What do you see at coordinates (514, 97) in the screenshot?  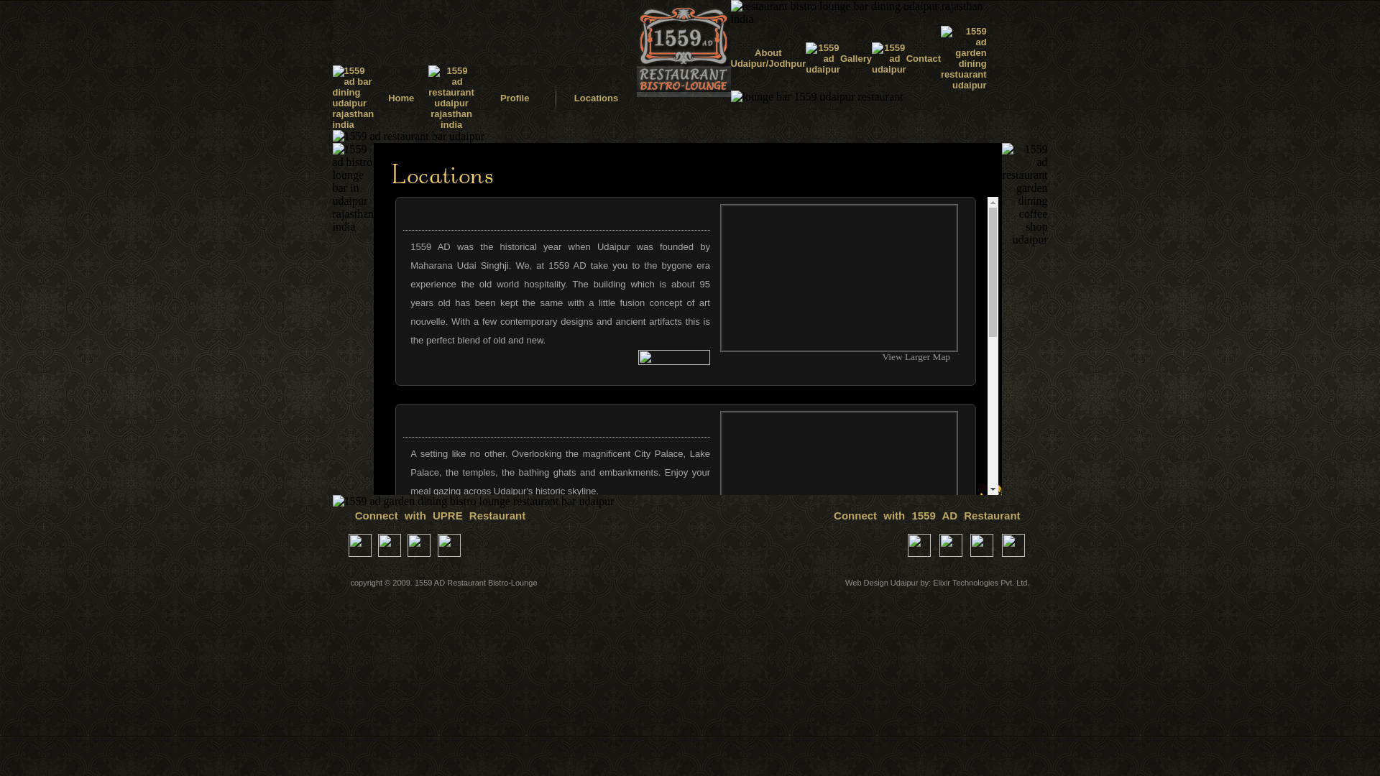 I see `'Profile'` at bounding box center [514, 97].